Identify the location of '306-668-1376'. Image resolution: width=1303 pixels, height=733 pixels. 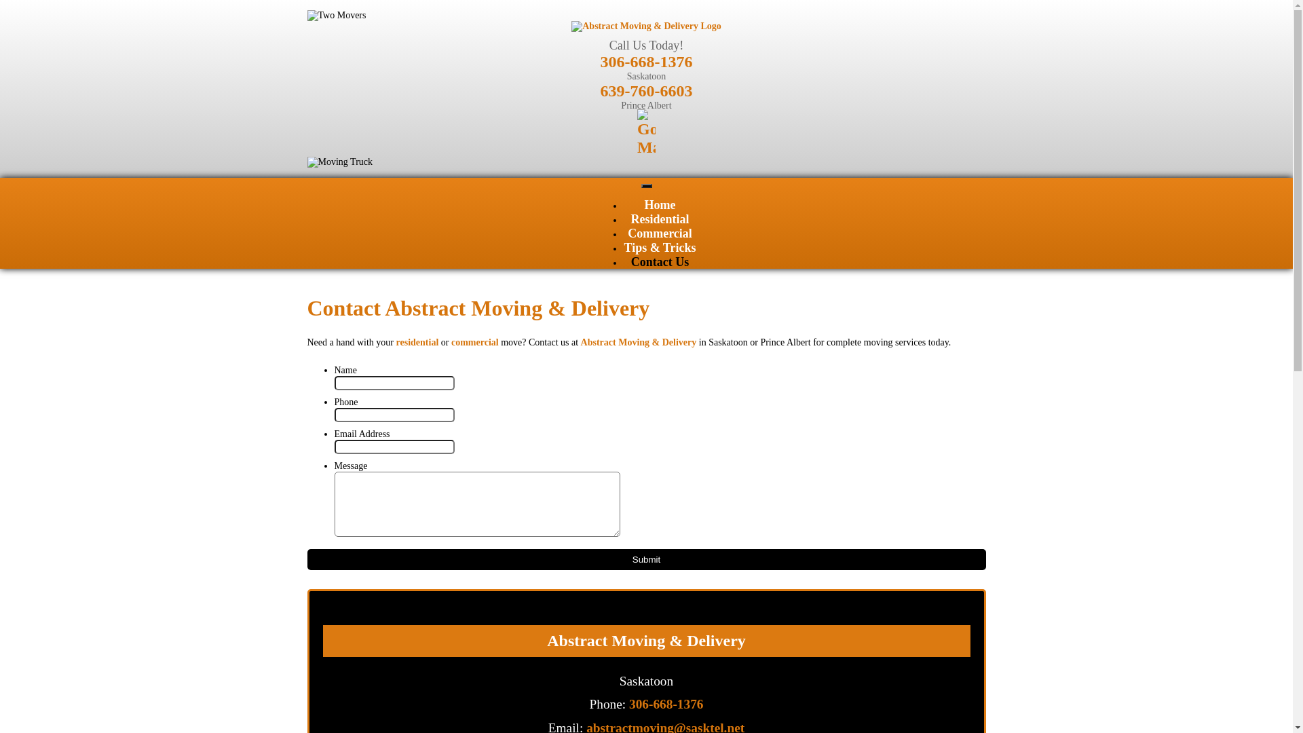
(599, 62).